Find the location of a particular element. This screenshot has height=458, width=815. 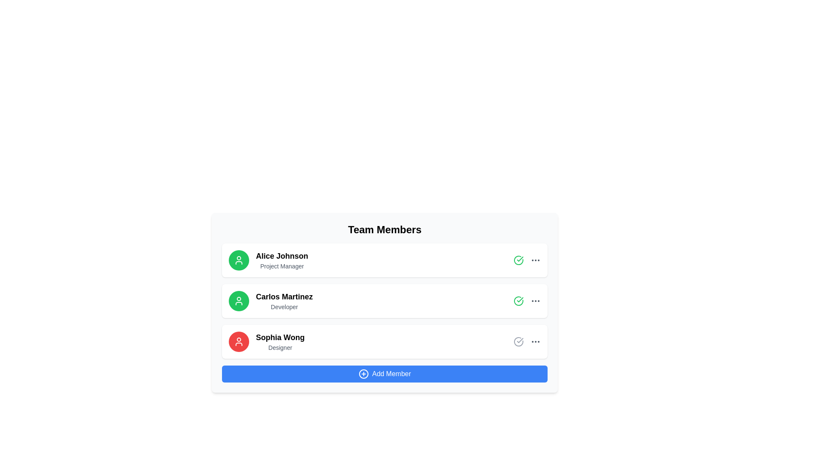

the user profile picture icon for 'Alice Johnson' located at the top-left corner of her information card is located at coordinates (238, 260).